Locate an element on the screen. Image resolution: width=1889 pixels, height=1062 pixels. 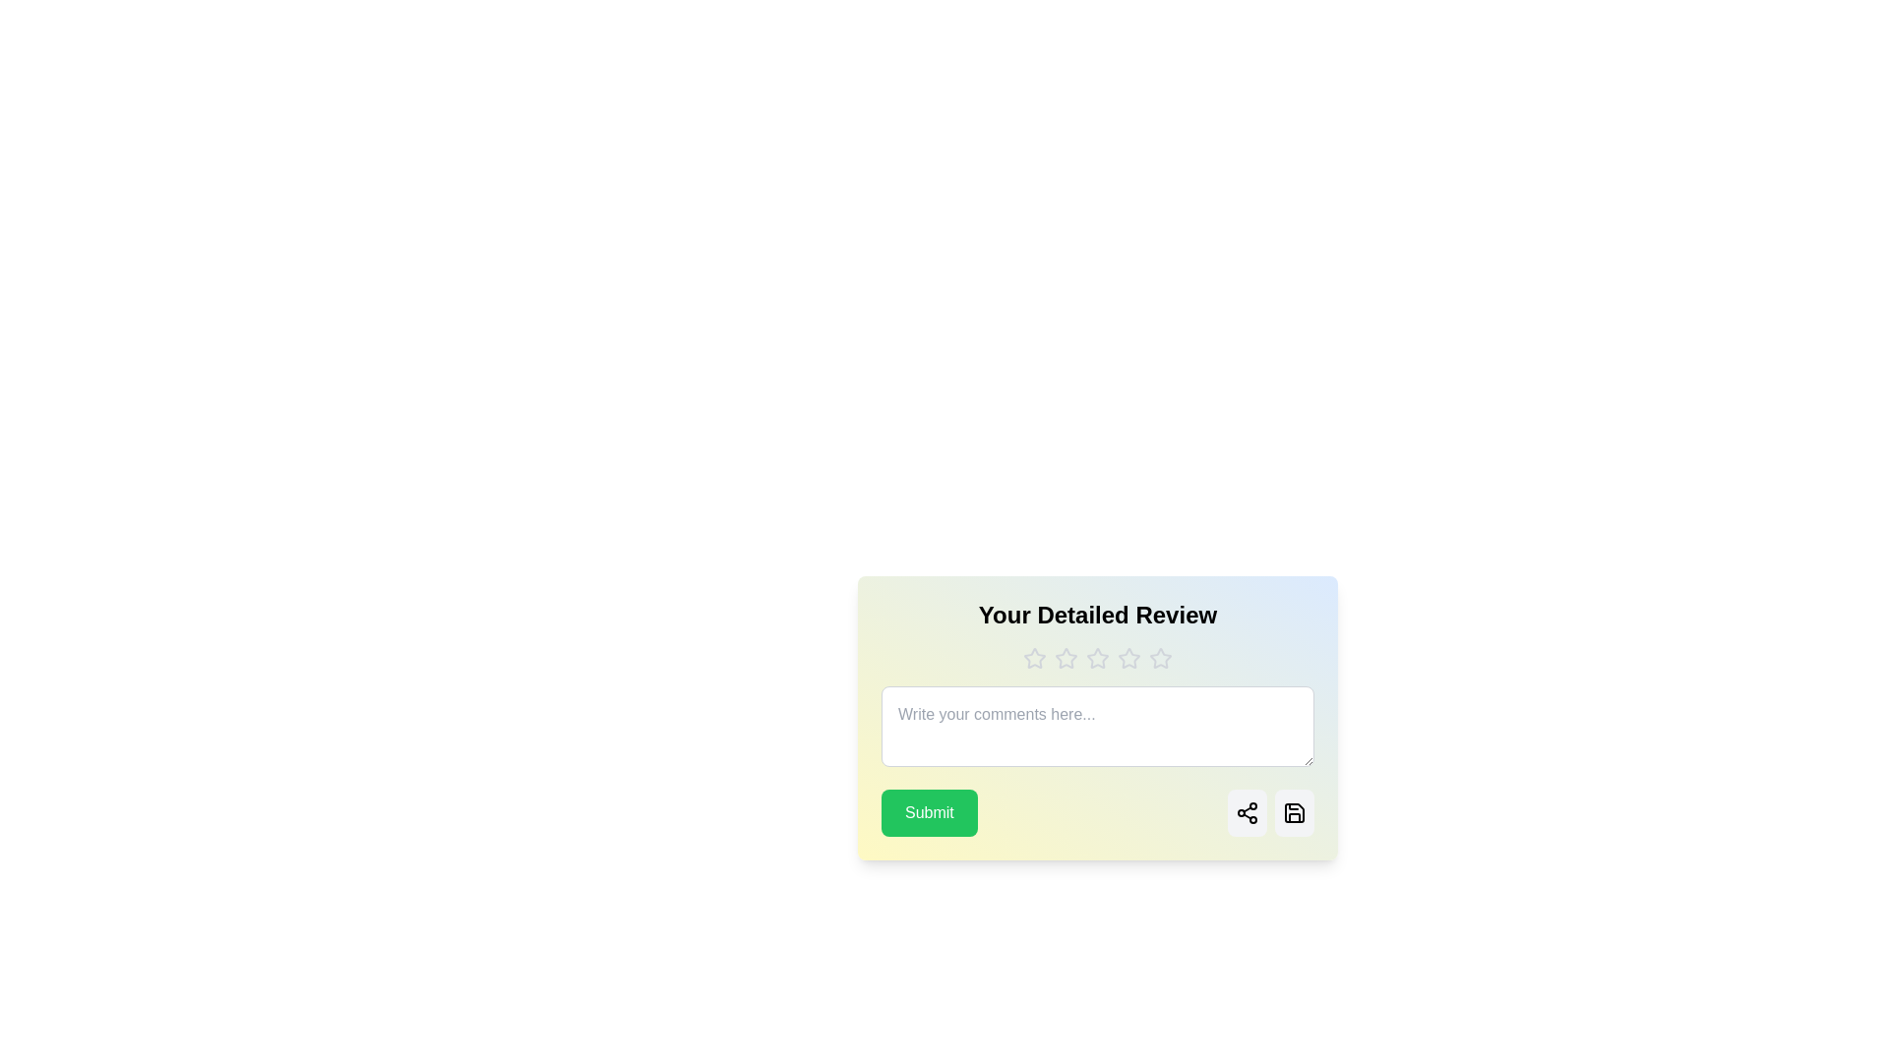
the submit button to submit the review is located at coordinates (928, 812).